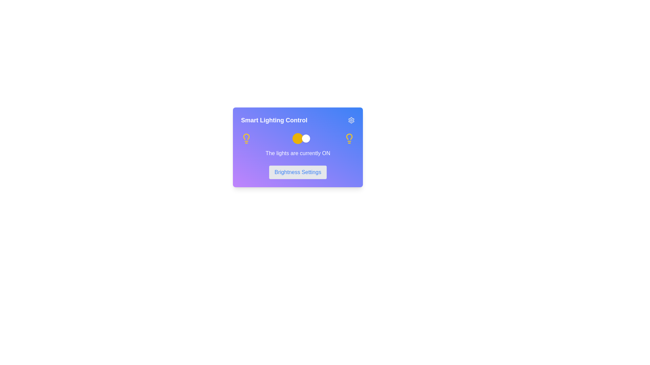 The height and width of the screenshot is (365, 650). I want to click on the 'Brightness Settings' button located at the bottom of the 'Smart Lighting Control' card, so click(298, 172).